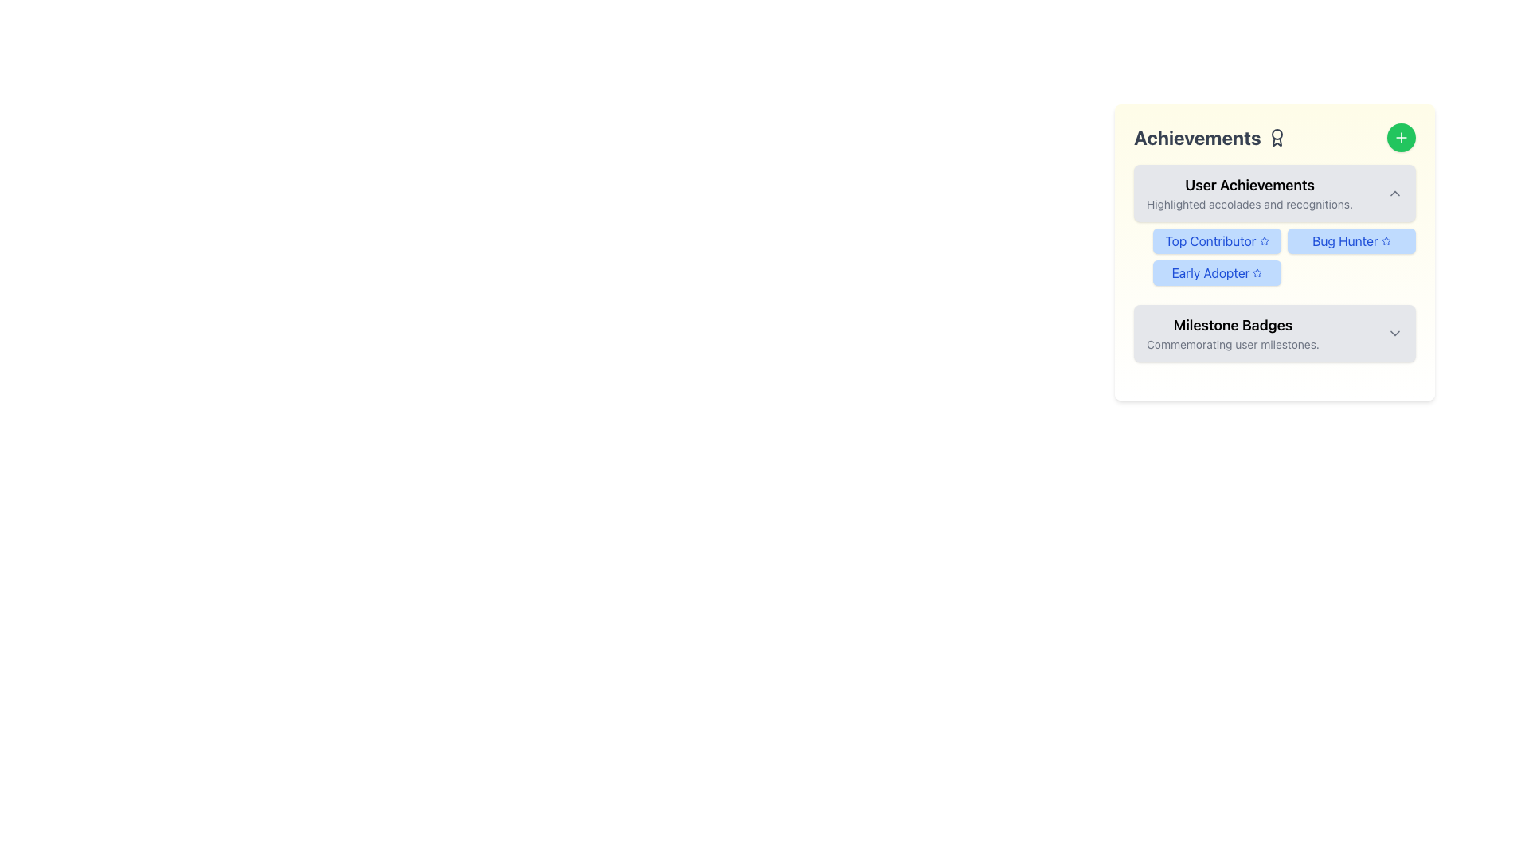 The width and height of the screenshot is (1529, 860). I want to click on the header title text with accompanying icon that indicates achievements, to relate it to the content below, so click(1275, 137).